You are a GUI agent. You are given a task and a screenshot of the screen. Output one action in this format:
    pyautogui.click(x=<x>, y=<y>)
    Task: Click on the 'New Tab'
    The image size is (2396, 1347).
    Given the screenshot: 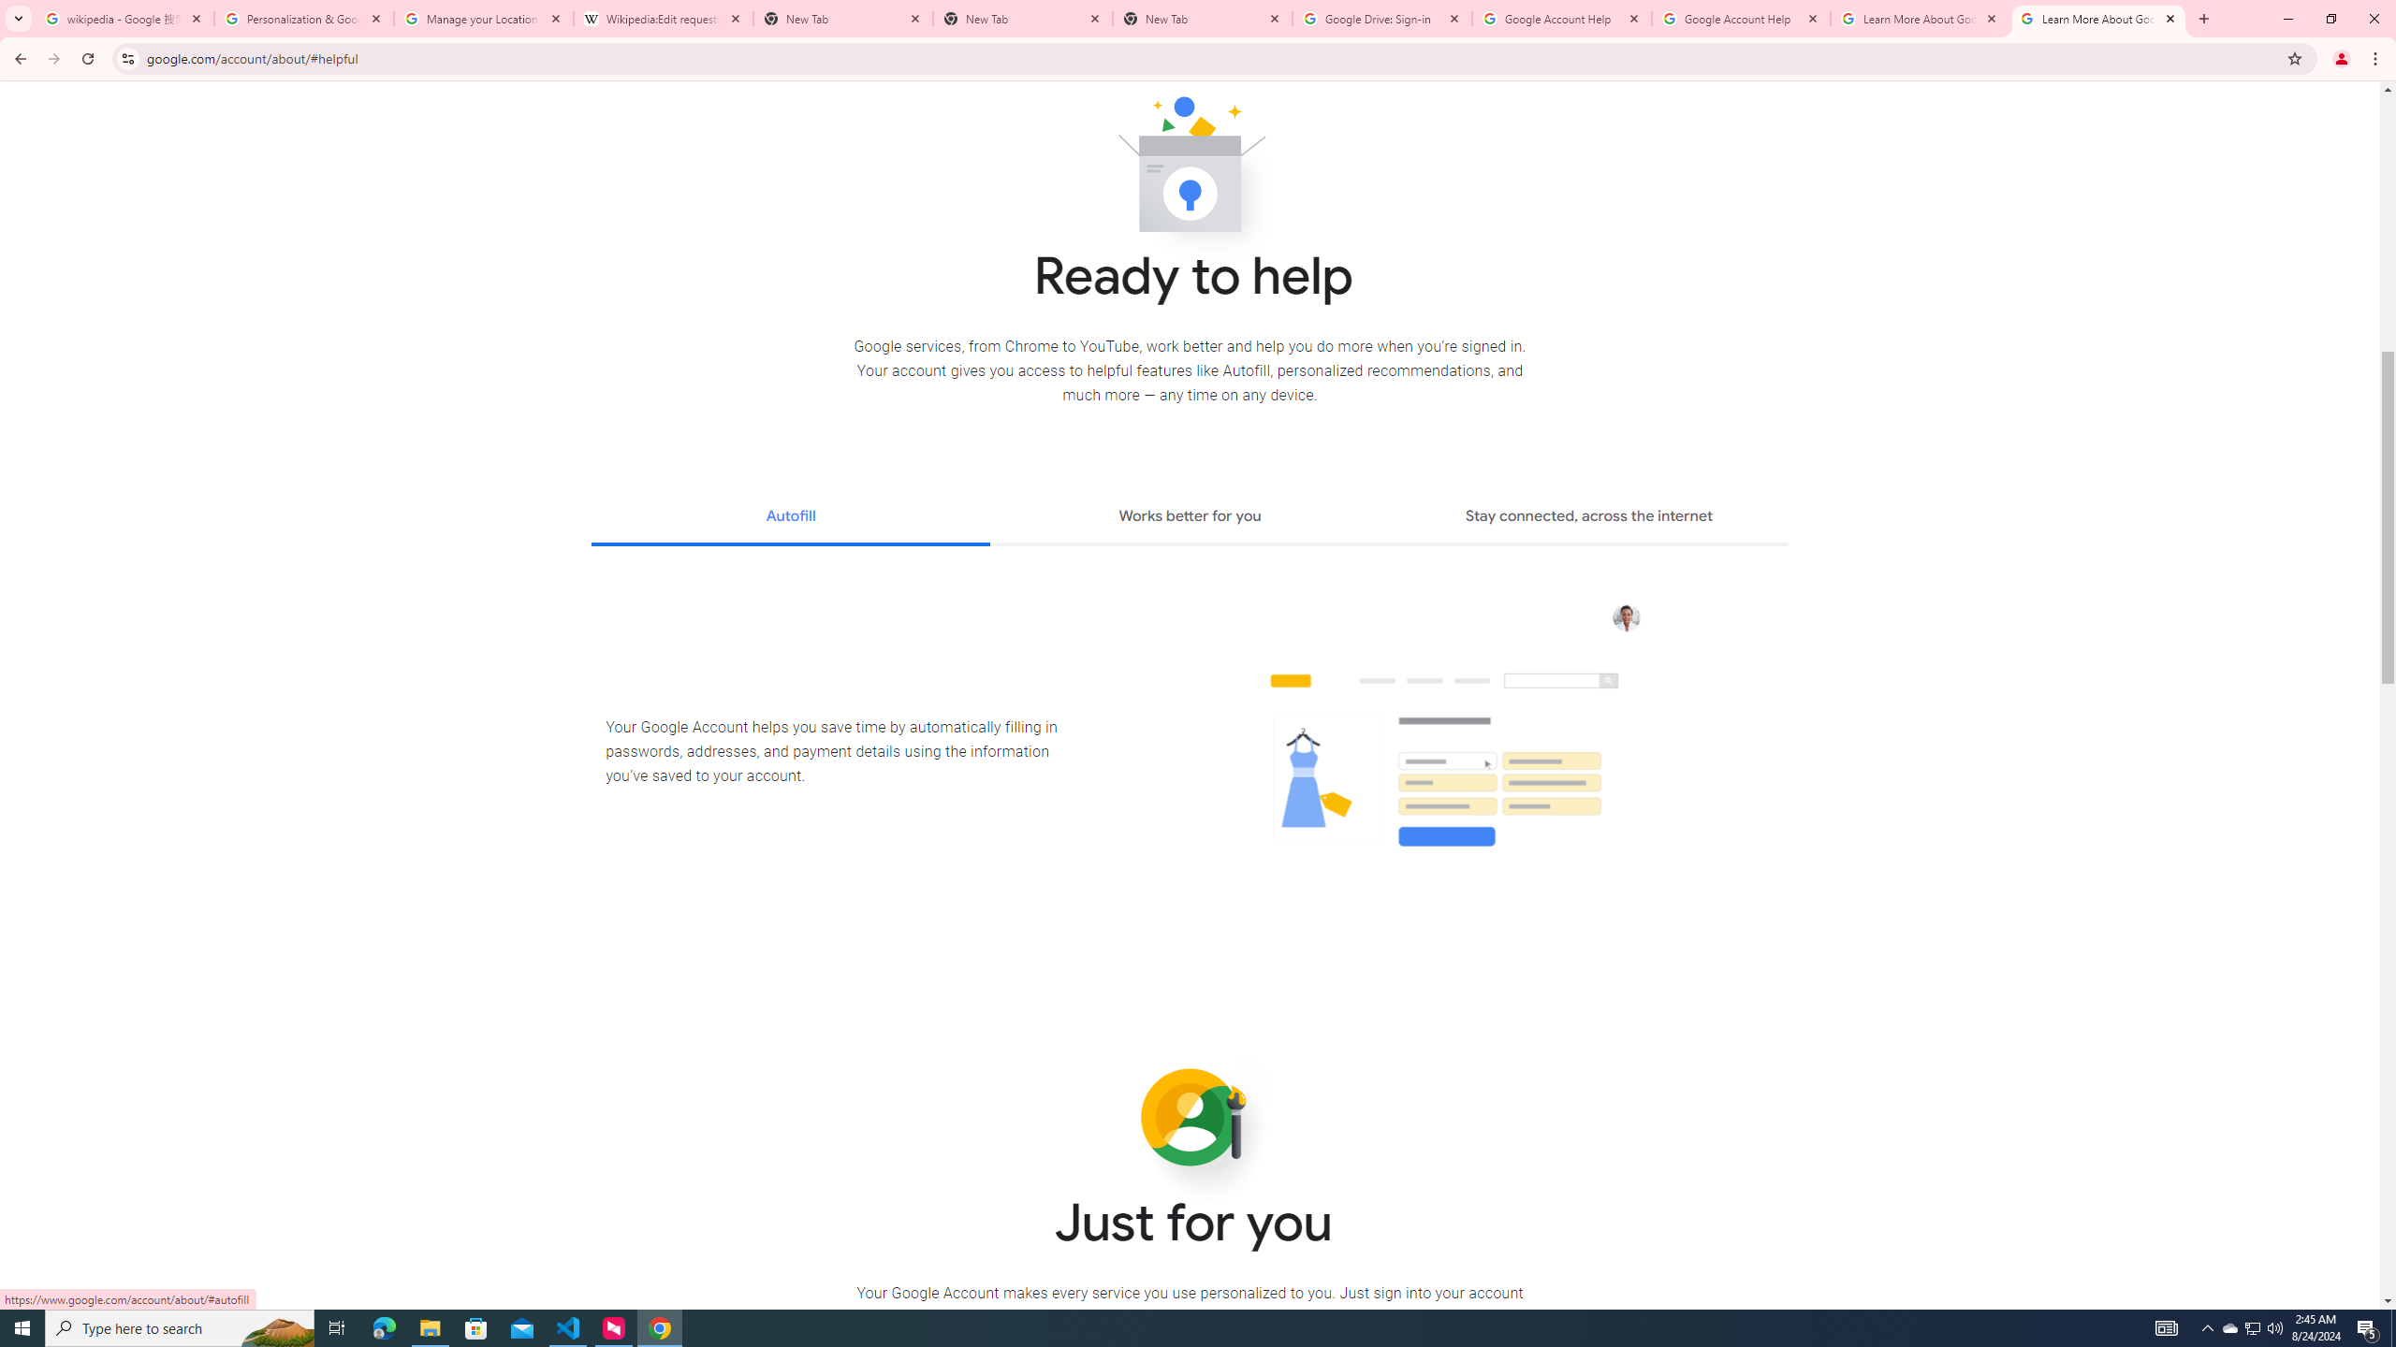 What is the action you would take?
    pyautogui.click(x=1202, y=18)
    